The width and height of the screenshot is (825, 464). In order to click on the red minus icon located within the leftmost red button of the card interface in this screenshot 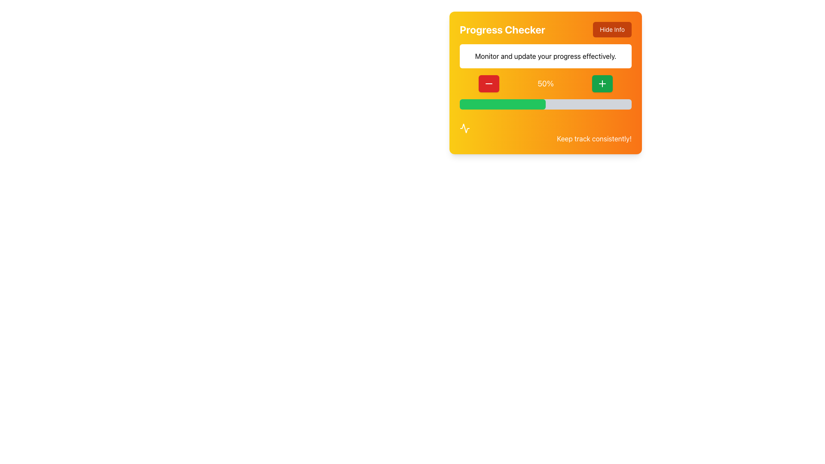, I will do `click(489, 84)`.